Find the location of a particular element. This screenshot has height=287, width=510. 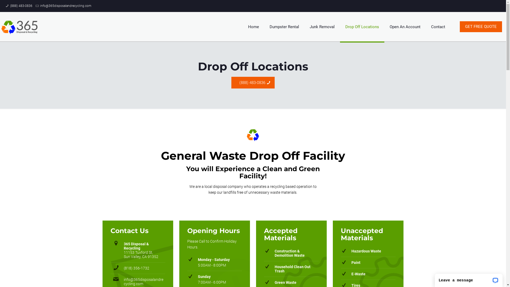

'Home' is located at coordinates (253, 27).